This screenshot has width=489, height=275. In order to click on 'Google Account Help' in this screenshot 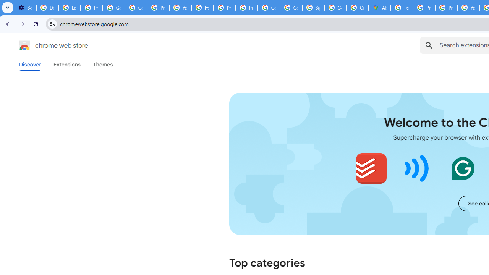, I will do `click(113, 8)`.